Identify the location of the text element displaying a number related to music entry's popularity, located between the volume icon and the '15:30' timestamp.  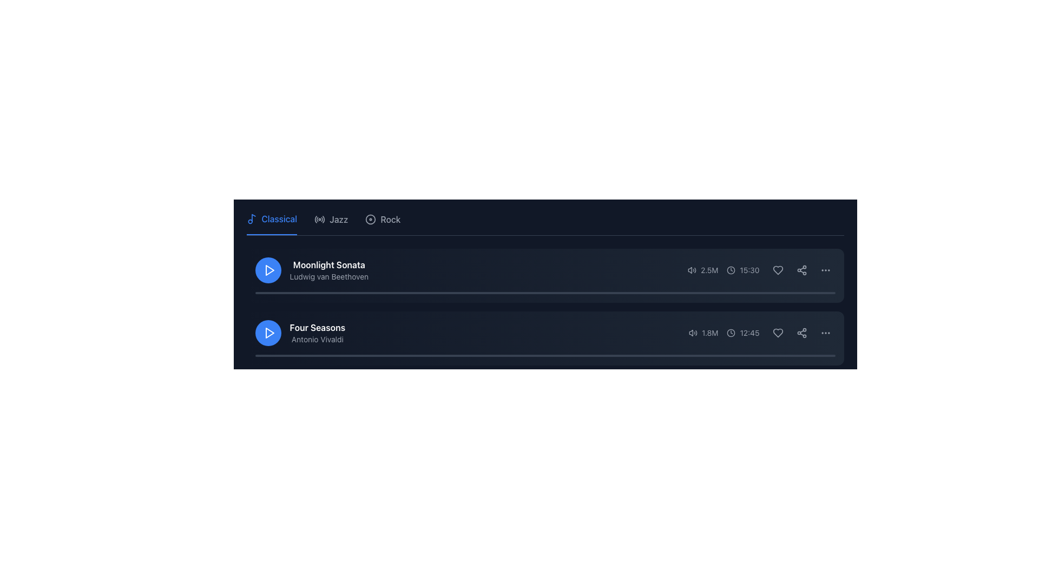
(703, 270).